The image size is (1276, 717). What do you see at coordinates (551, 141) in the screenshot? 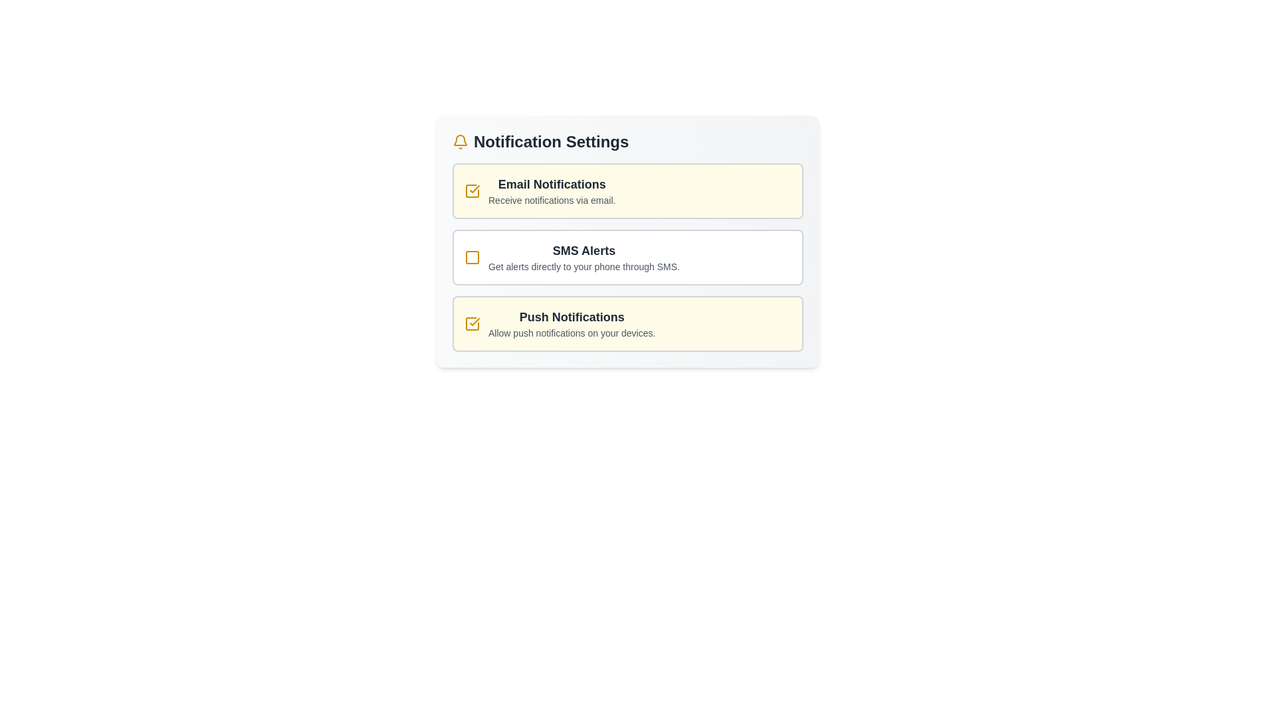
I see `the 'Notification Settings' header, which is a bold, large text label in dark gray color, centrally positioned near the top of its section` at bounding box center [551, 141].